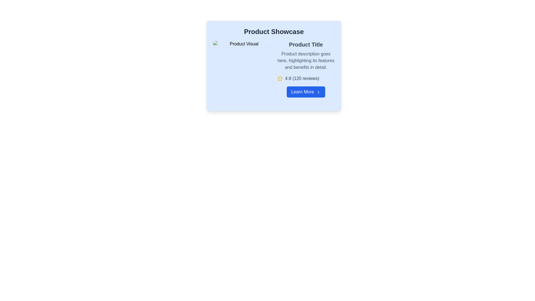 This screenshot has height=301, width=535. Describe the element at coordinates (280, 78) in the screenshot. I see `star icon representing the product rating located to the left of the textual rating '4.8 (120 reviews)' in the 'Product Showcase' section` at that location.